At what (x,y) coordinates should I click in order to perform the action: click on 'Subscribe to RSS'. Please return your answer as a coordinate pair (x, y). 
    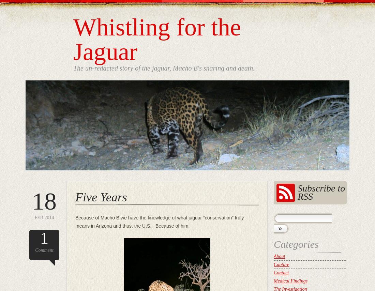
    Looking at the image, I should click on (321, 192).